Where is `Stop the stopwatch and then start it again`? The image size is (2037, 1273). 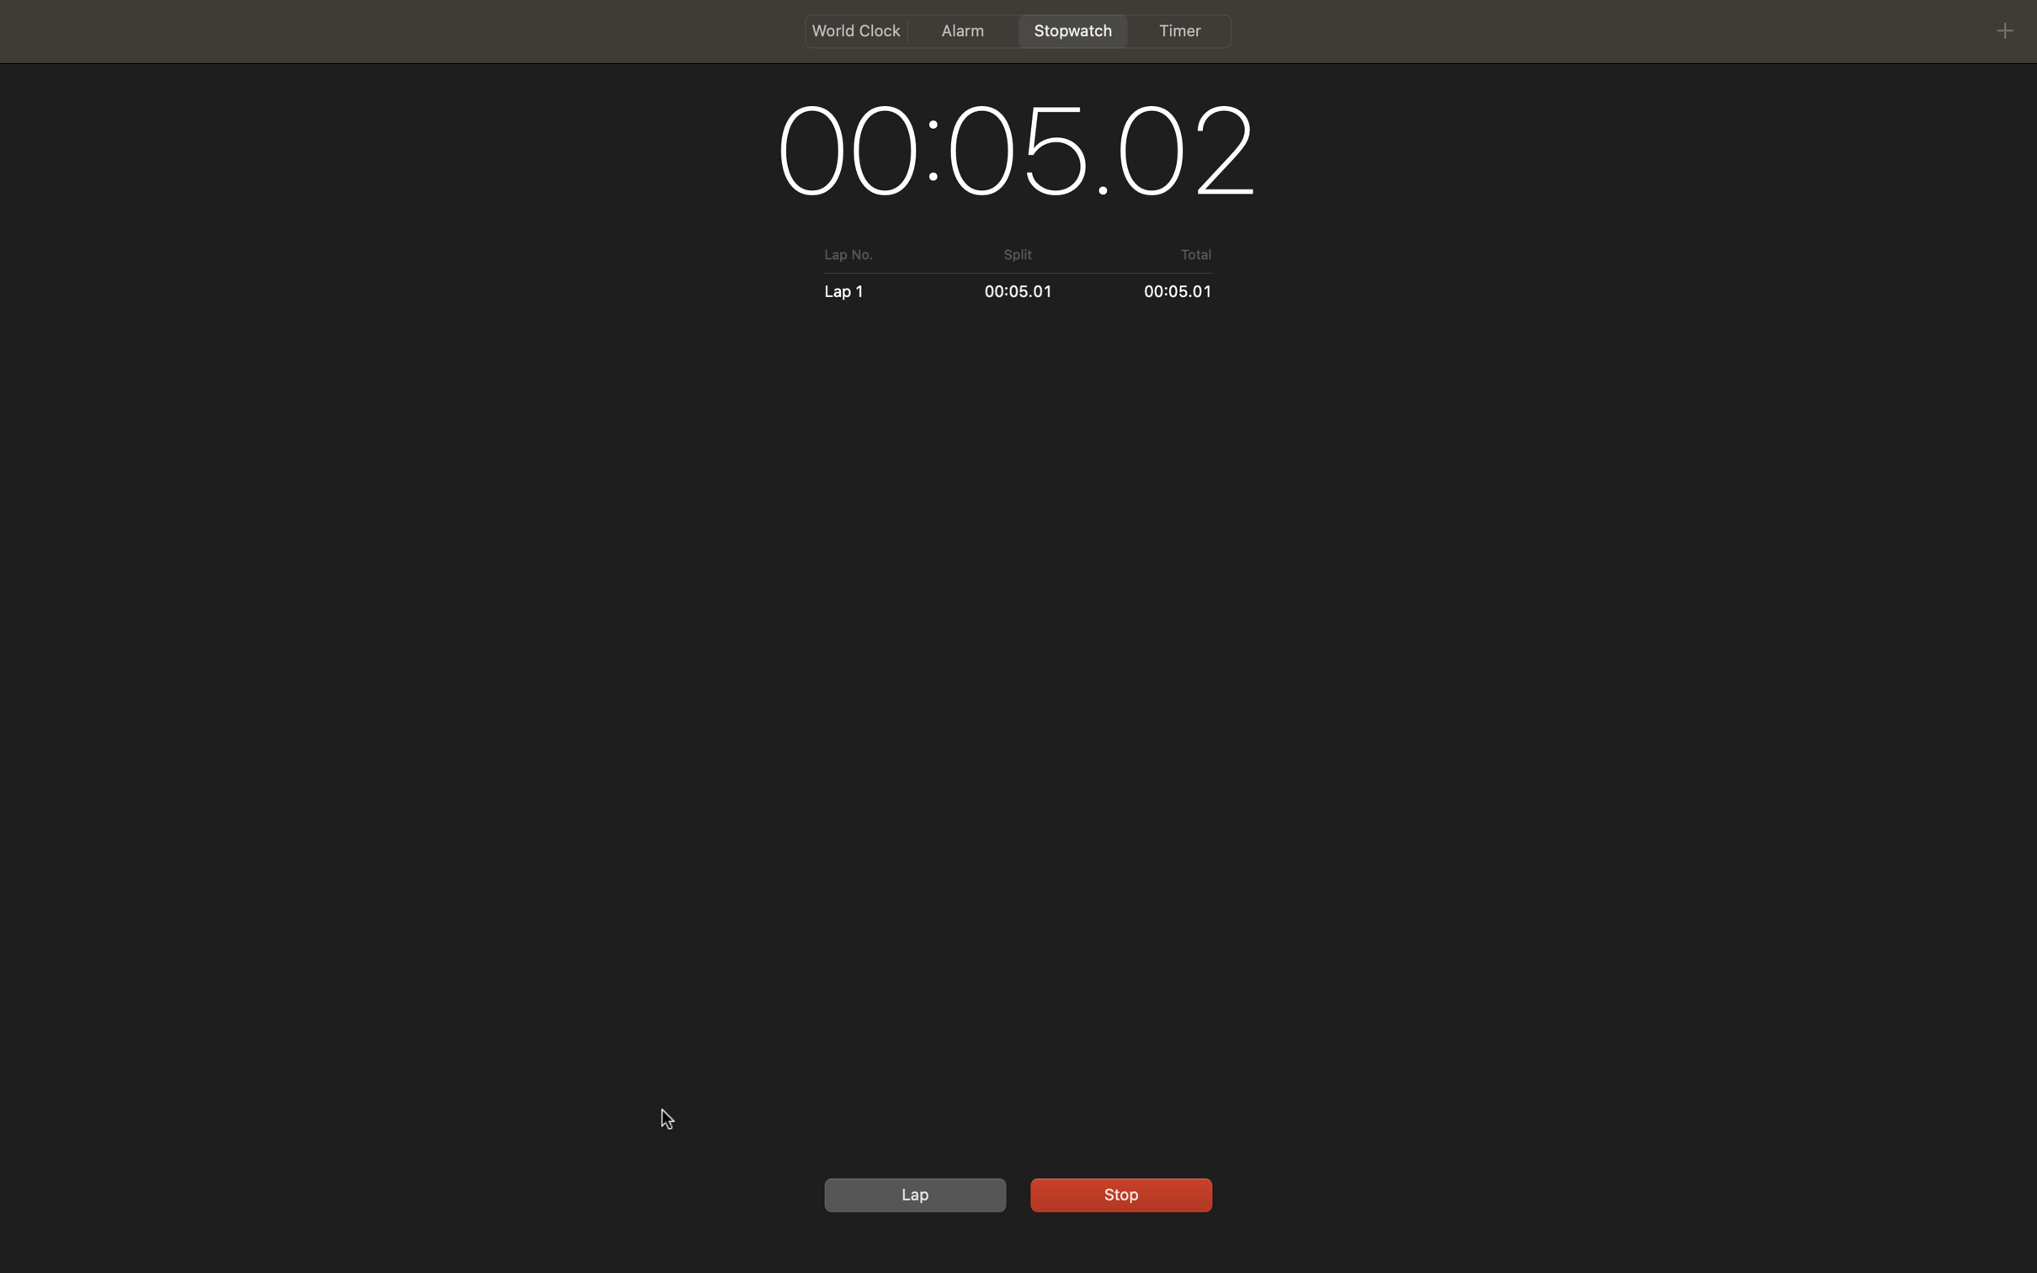
Stop the stopwatch and then start it again is located at coordinates (1118, 1192).